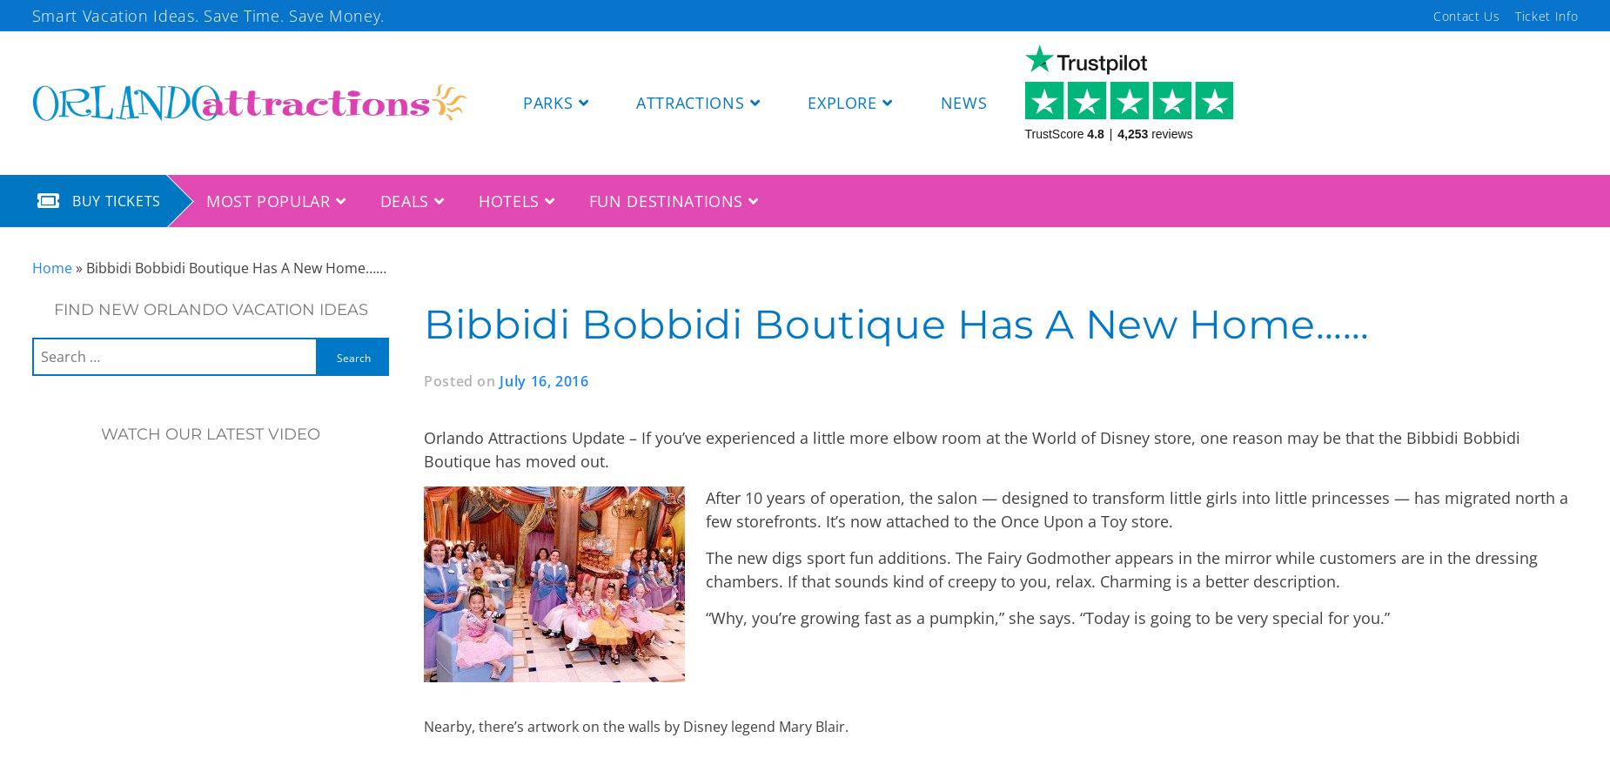  I want to click on 'MOST POPULAR', so click(205, 200).